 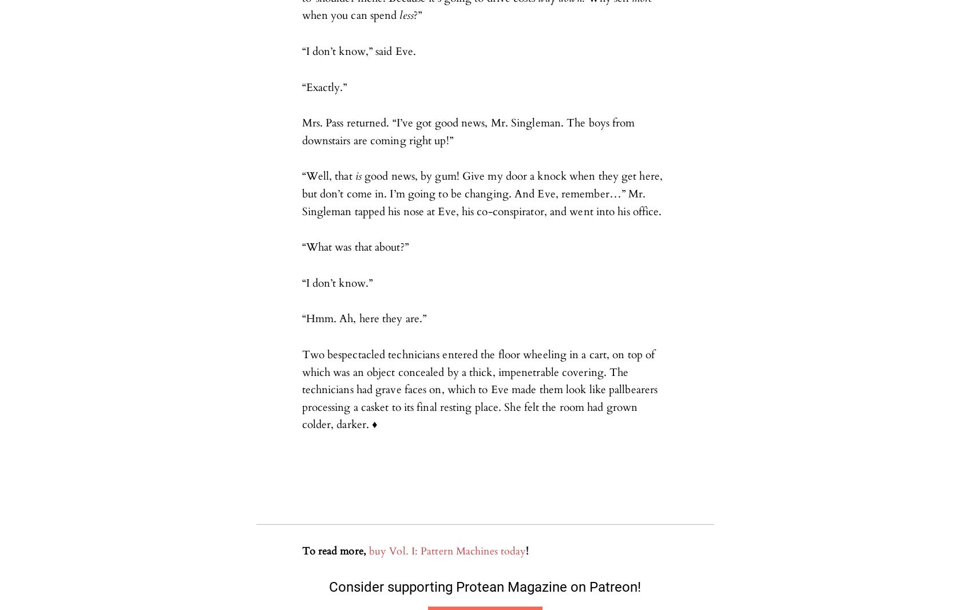 I want to click on '“I don’t know,” said Eve.', so click(x=358, y=51).